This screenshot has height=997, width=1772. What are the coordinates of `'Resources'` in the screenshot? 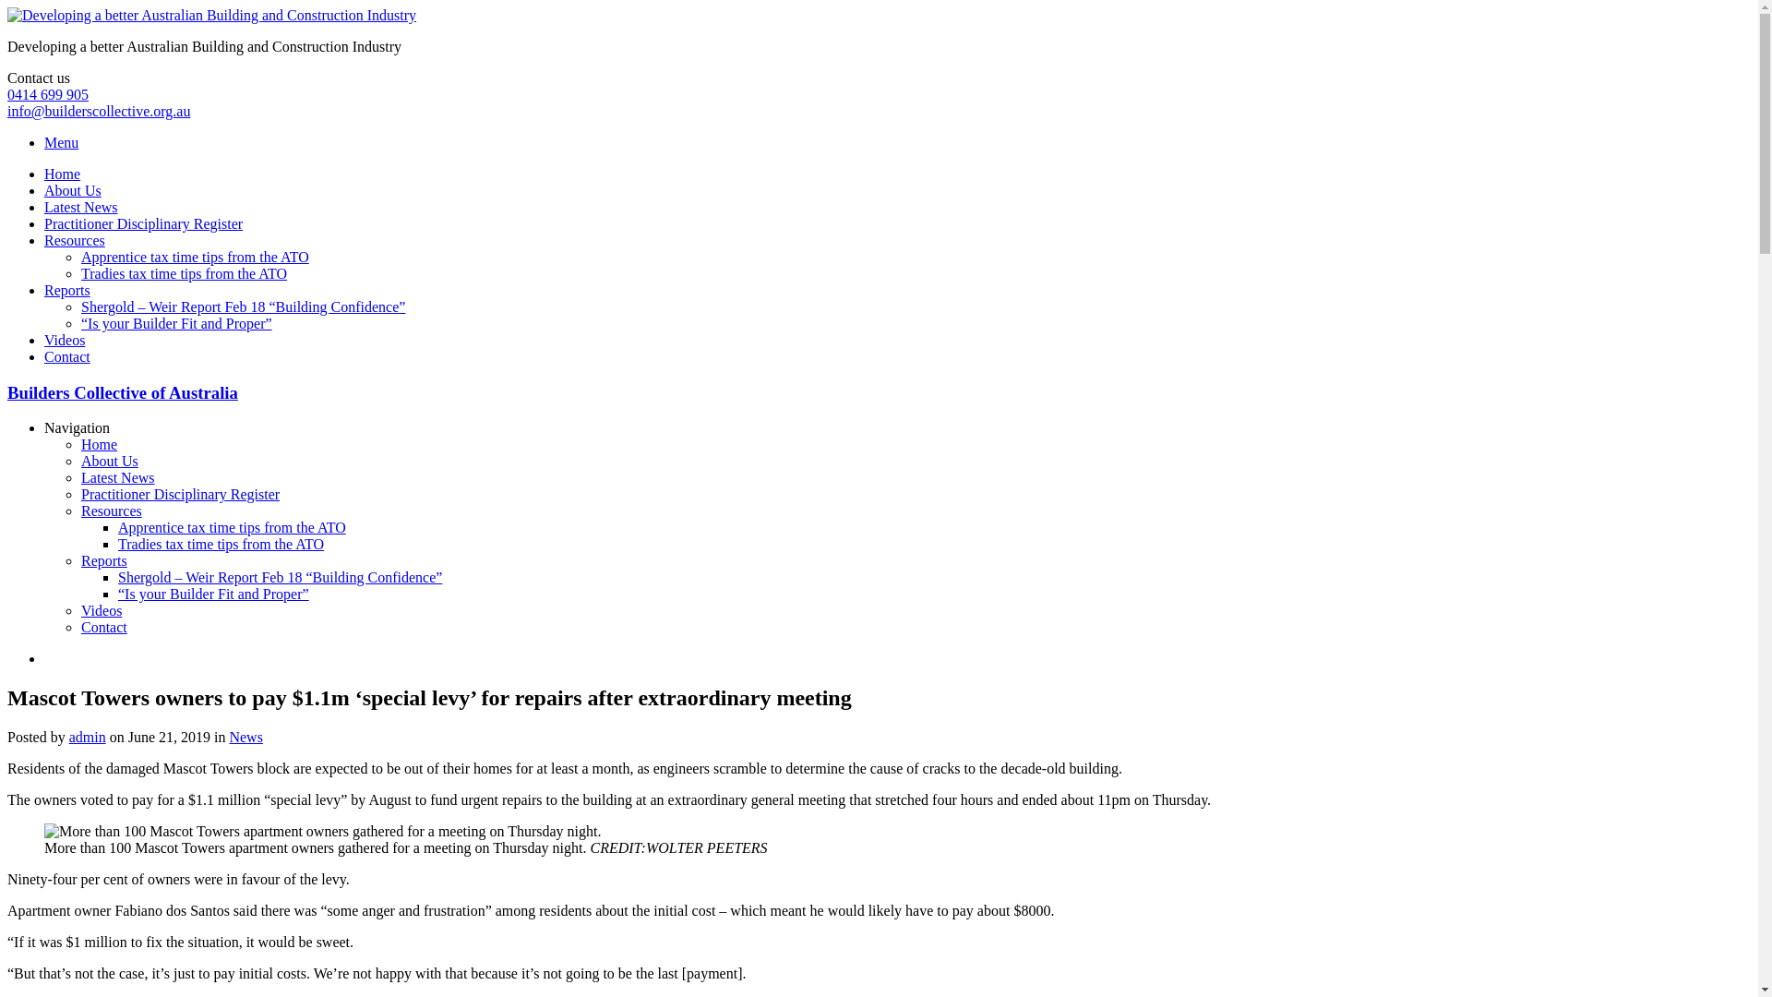 It's located at (110, 511).